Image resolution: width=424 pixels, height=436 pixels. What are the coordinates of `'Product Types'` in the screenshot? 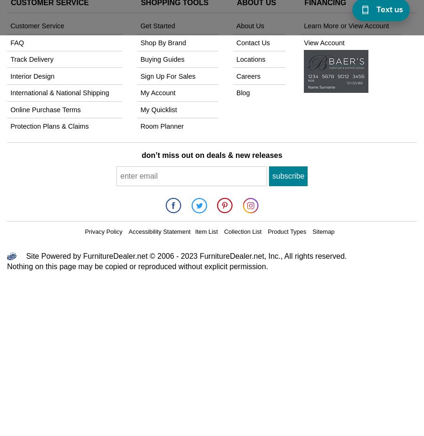 It's located at (267, 231).